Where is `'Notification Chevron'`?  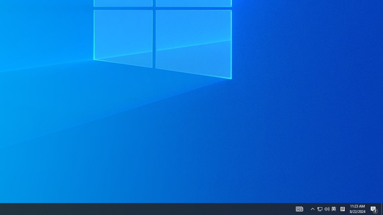
'Notification Chevron' is located at coordinates (299, 208).